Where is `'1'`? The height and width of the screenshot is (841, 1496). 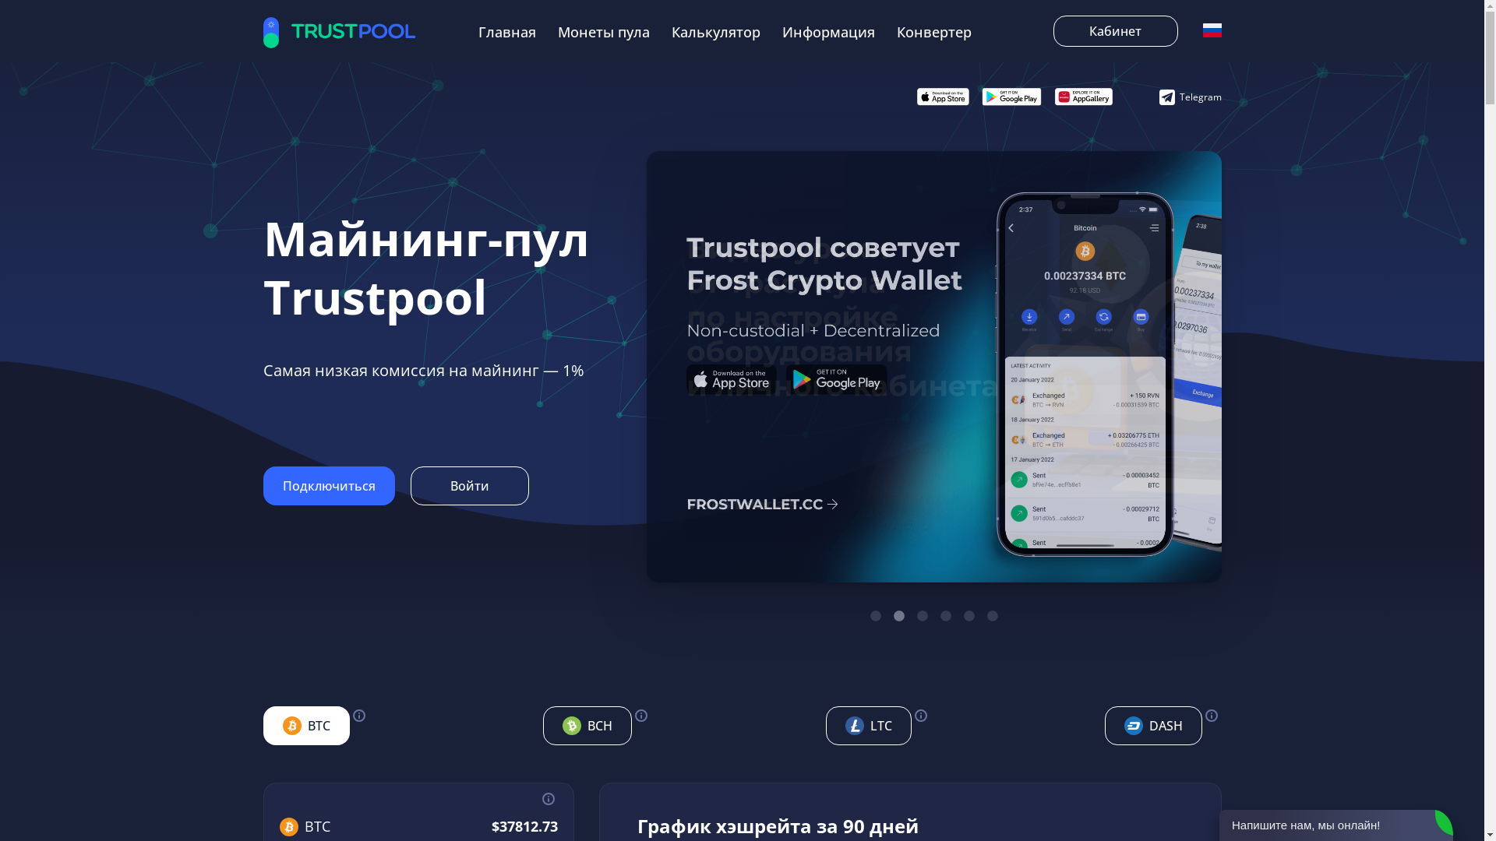 '1' is located at coordinates (875, 615).